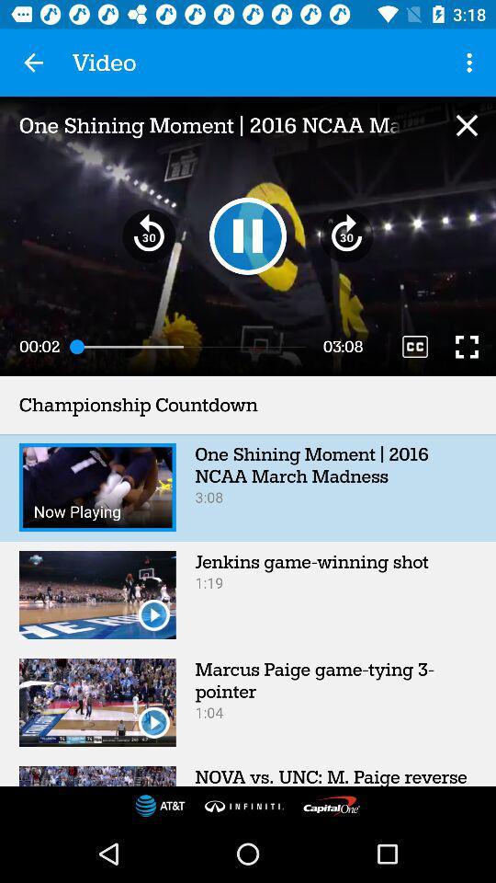 The width and height of the screenshot is (496, 883). What do you see at coordinates (346, 235) in the screenshot?
I see `go forward 30 seconds` at bounding box center [346, 235].